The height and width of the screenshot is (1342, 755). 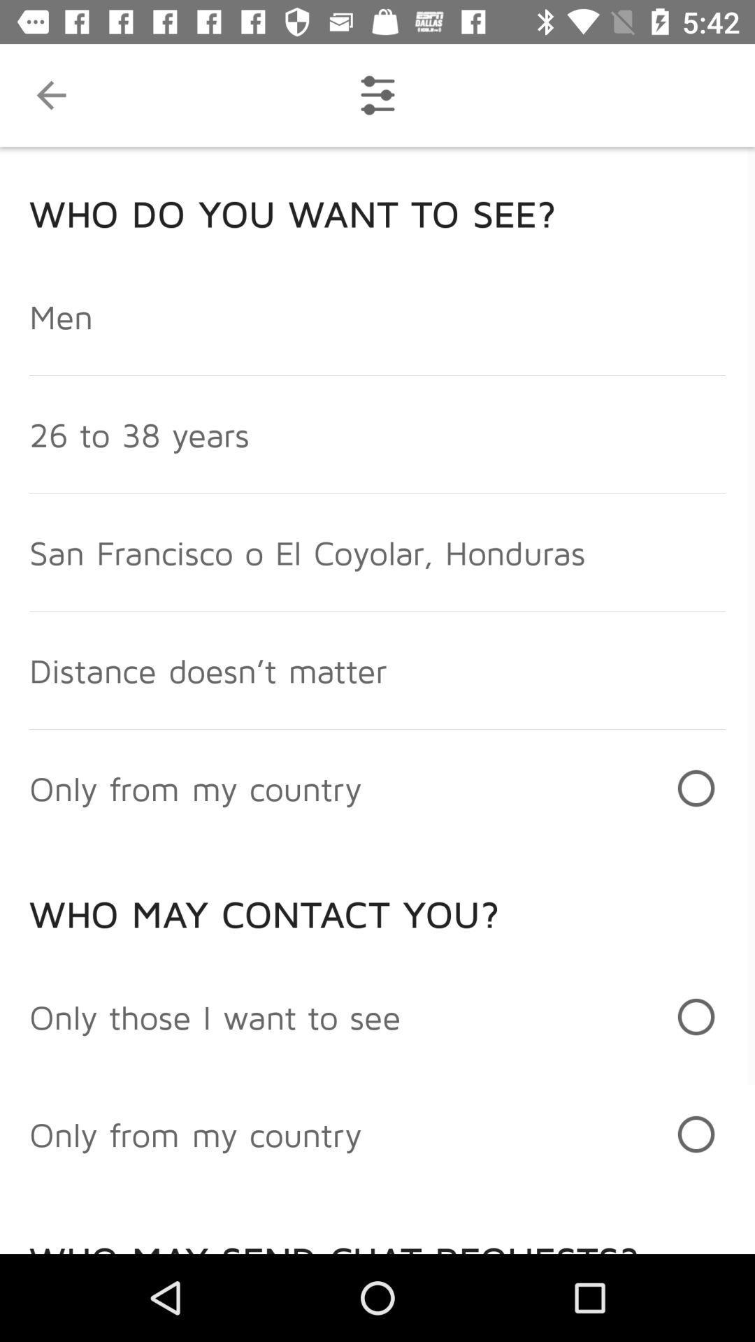 What do you see at coordinates (306, 551) in the screenshot?
I see `san francisco o item` at bounding box center [306, 551].